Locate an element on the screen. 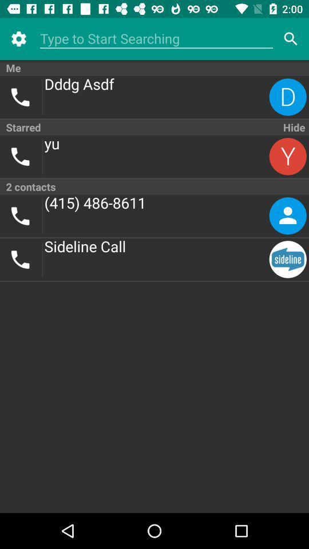  the settings icon is located at coordinates (18, 39).